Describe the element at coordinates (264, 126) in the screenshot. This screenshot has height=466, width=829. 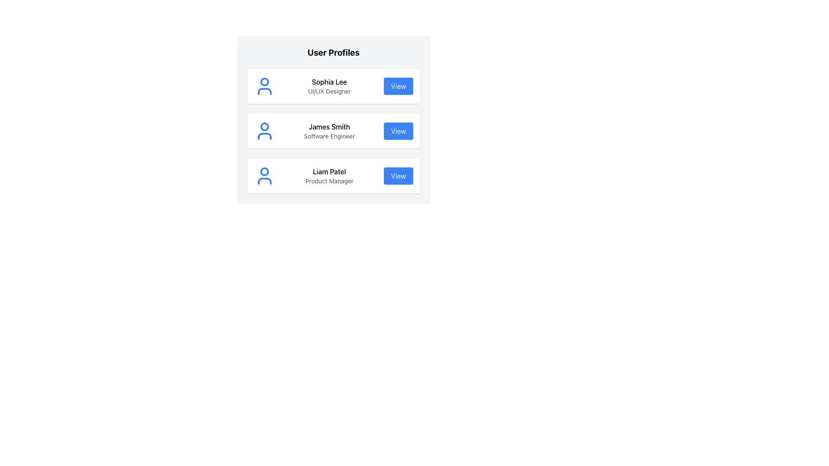
I see `the circular profile icon representing 'James Smith', the second profile entry under the title 'Software Engineer'` at that location.